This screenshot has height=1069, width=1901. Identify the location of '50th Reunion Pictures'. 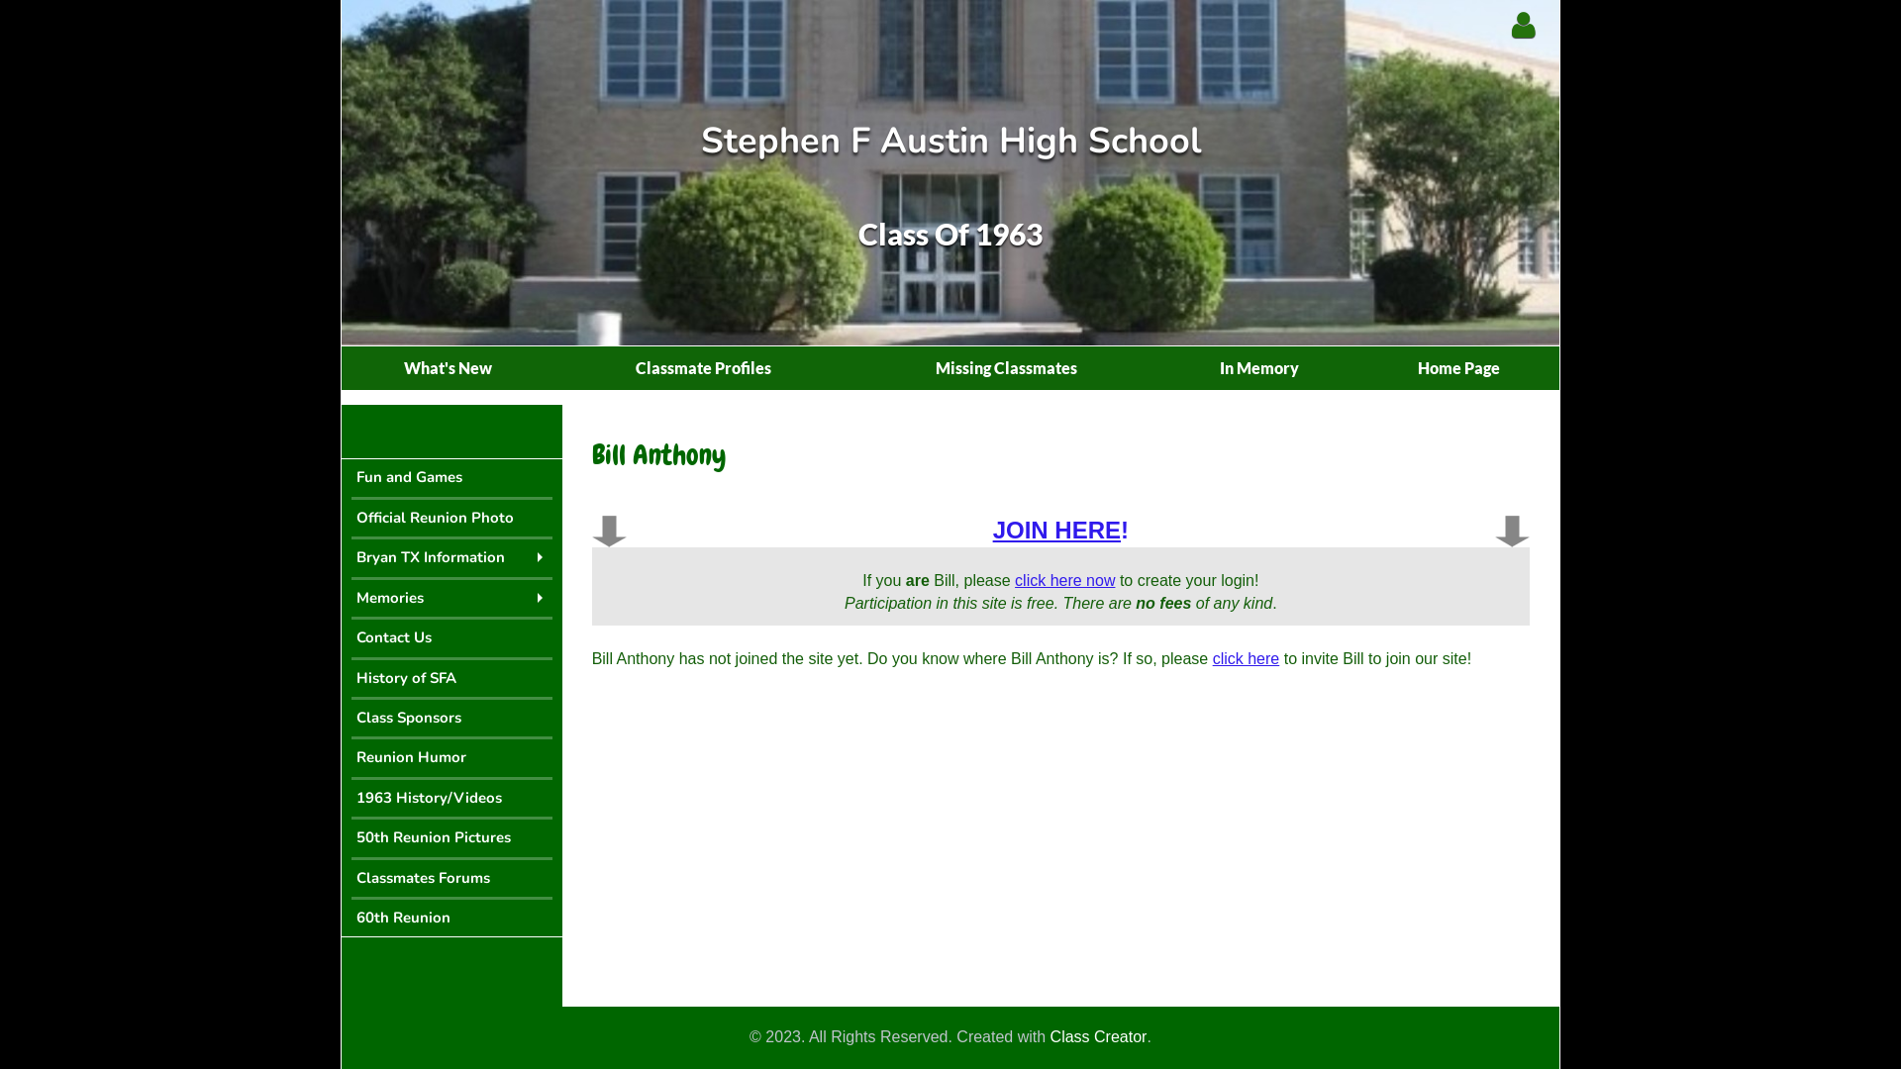
(351, 837).